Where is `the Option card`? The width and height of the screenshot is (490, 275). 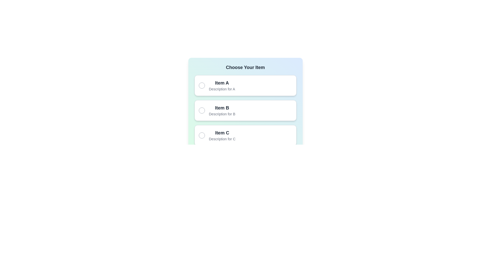
the Option card is located at coordinates (245, 135).